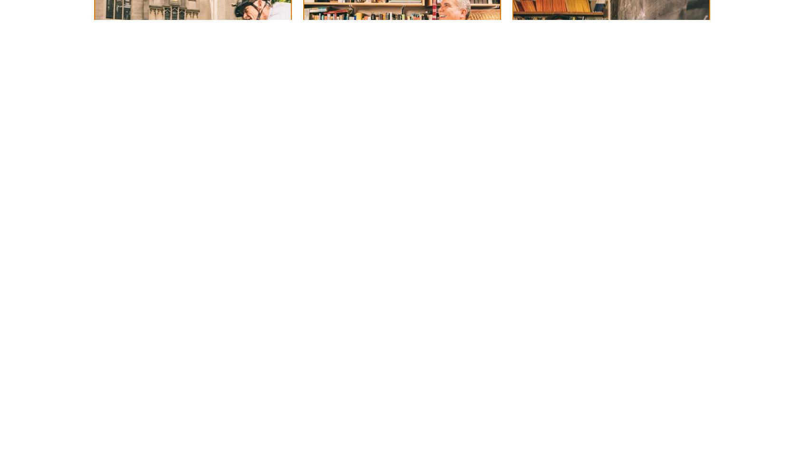 The image size is (810, 465). I want to click on 'Dean of the College.', so click(368, 99).